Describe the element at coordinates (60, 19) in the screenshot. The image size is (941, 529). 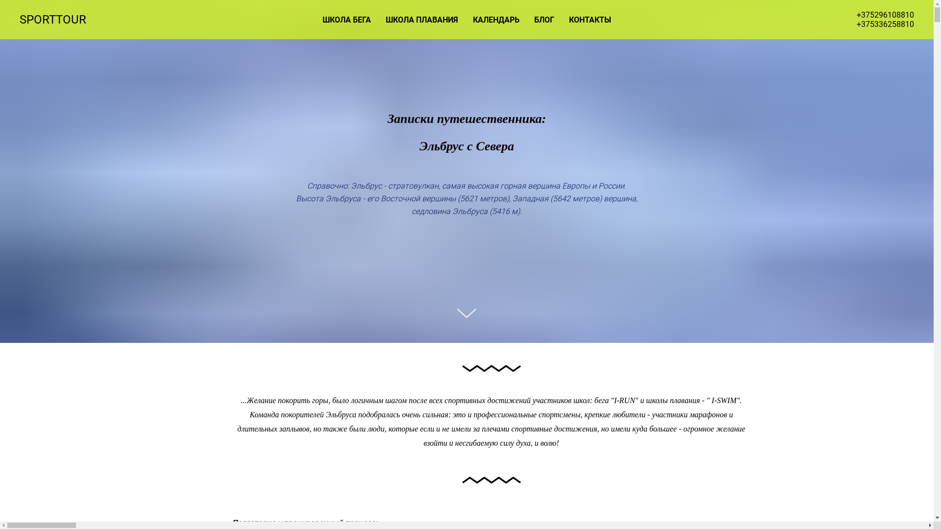
I see `'SPORTTOUR'` at that location.